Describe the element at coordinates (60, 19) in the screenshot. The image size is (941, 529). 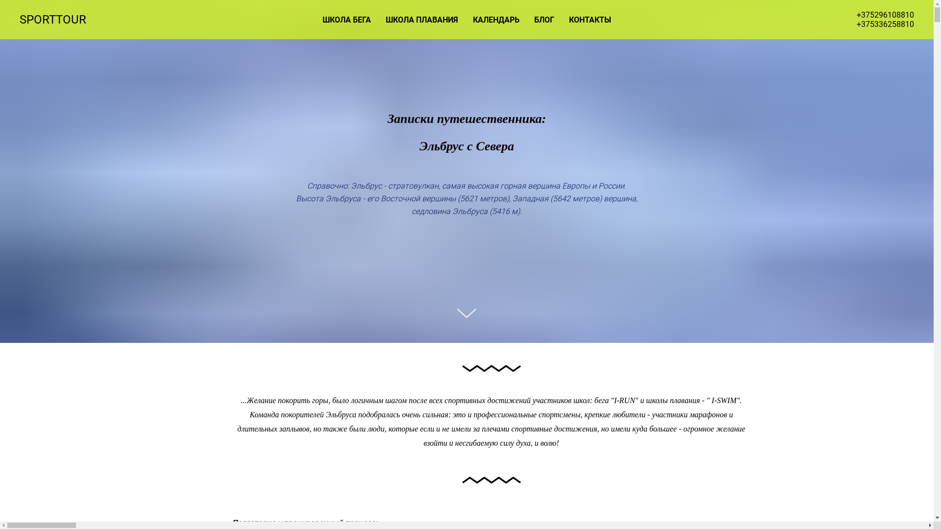
I see `'SPORTTOUR'` at that location.